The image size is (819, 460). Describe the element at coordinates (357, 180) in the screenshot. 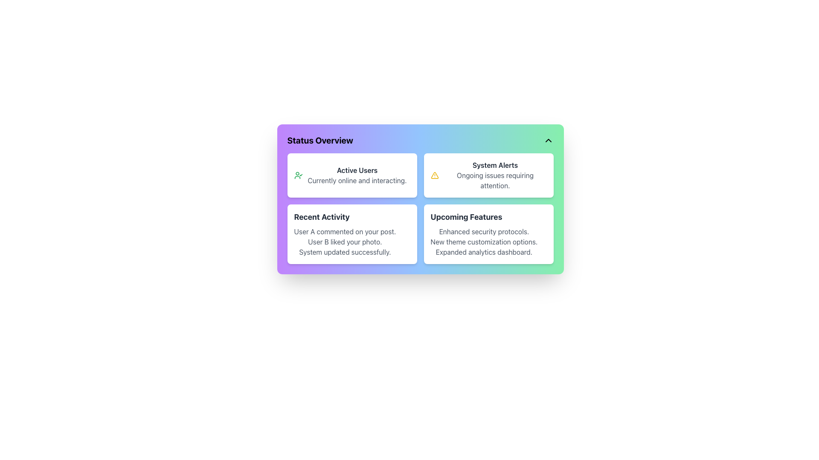

I see `subtitle text located in the 'Active Users' card, positioned directly below the heading 'Active Users'` at that location.